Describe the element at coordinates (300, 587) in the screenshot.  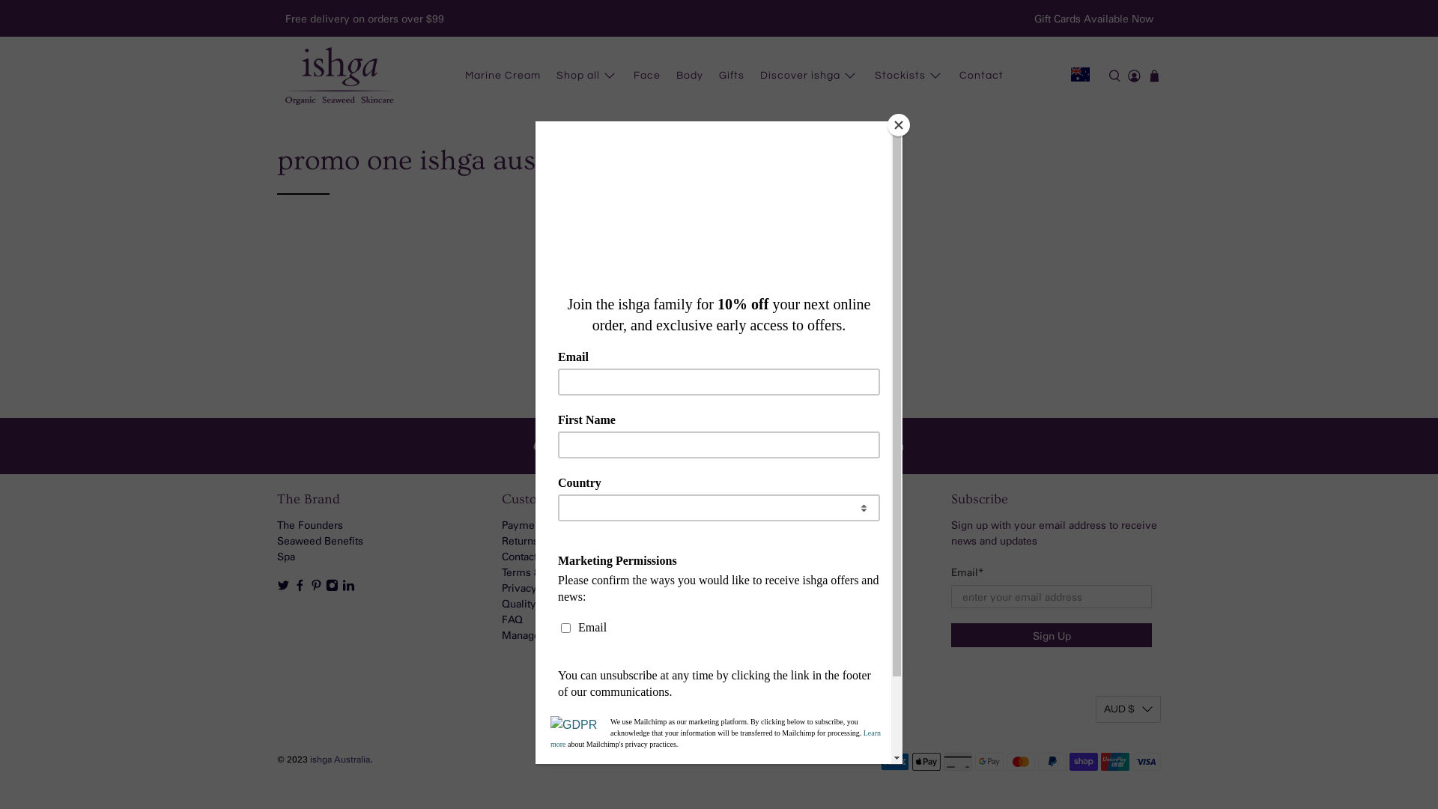
I see `'ishga Australia on Facebook'` at that location.